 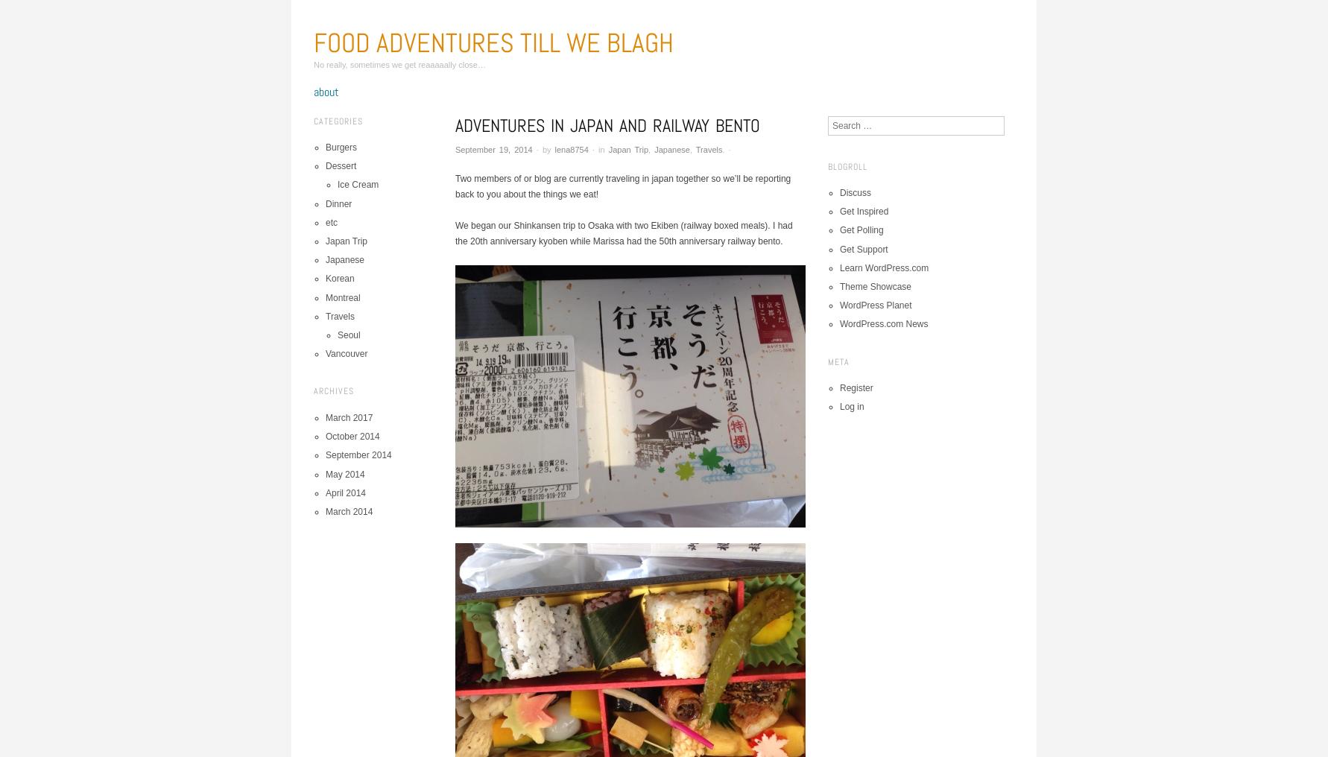 What do you see at coordinates (399, 64) in the screenshot?
I see `'No really, sometimes we get reaaaaally close…'` at bounding box center [399, 64].